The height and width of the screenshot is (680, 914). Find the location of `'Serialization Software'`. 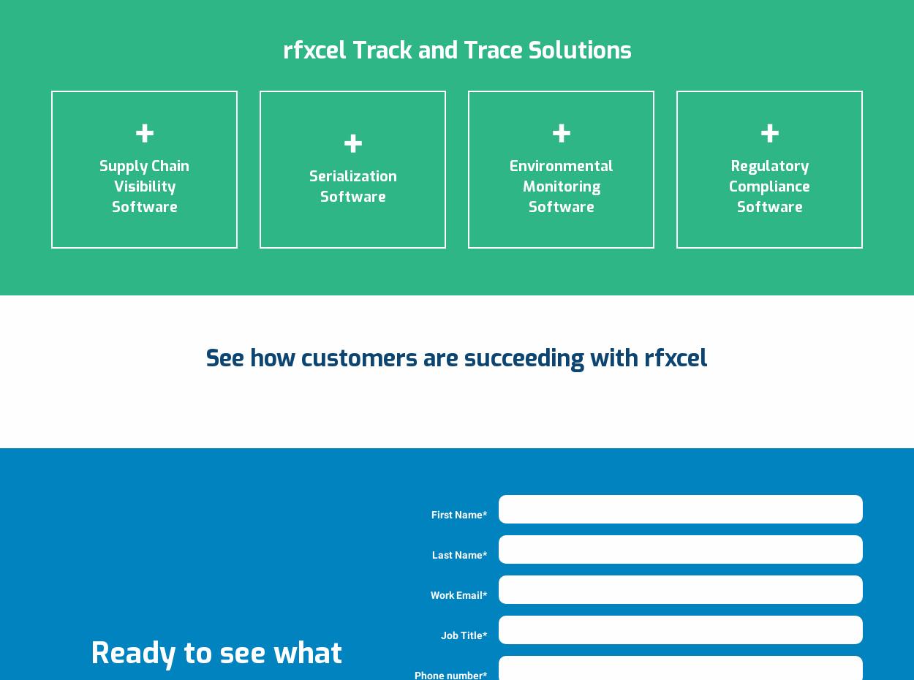

'Serialization Software' is located at coordinates (309, 186).